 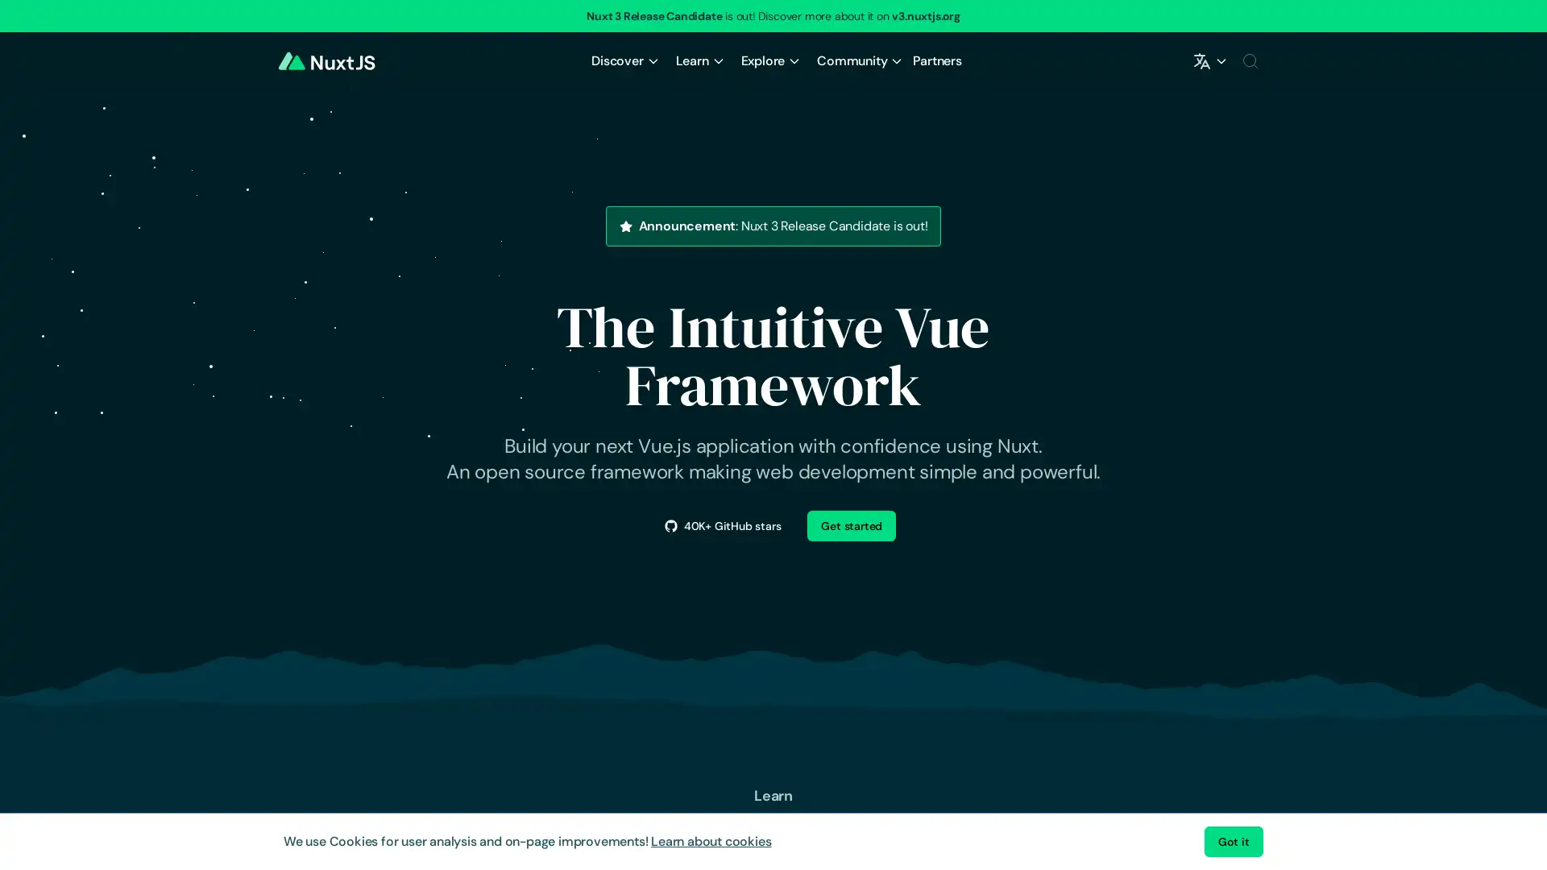 What do you see at coordinates (1233, 841) in the screenshot?
I see `Got it` at bounding box center [1233, 841].